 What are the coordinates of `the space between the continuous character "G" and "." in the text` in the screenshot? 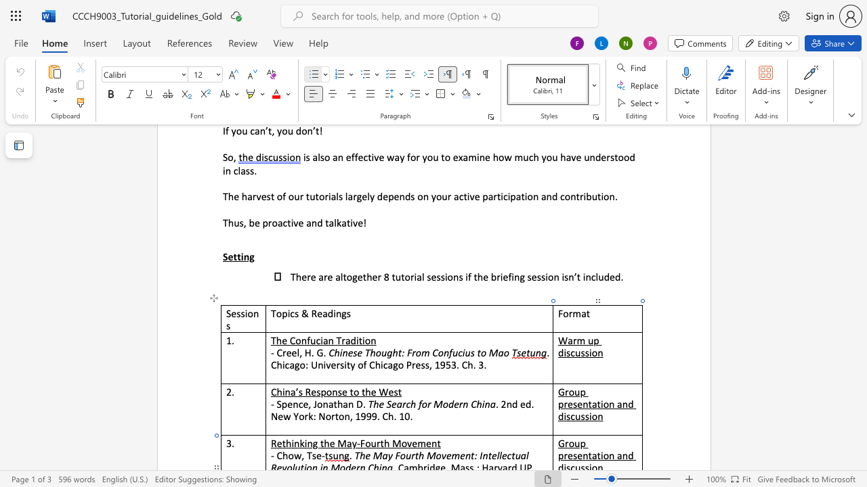 It's located at (322, 352).